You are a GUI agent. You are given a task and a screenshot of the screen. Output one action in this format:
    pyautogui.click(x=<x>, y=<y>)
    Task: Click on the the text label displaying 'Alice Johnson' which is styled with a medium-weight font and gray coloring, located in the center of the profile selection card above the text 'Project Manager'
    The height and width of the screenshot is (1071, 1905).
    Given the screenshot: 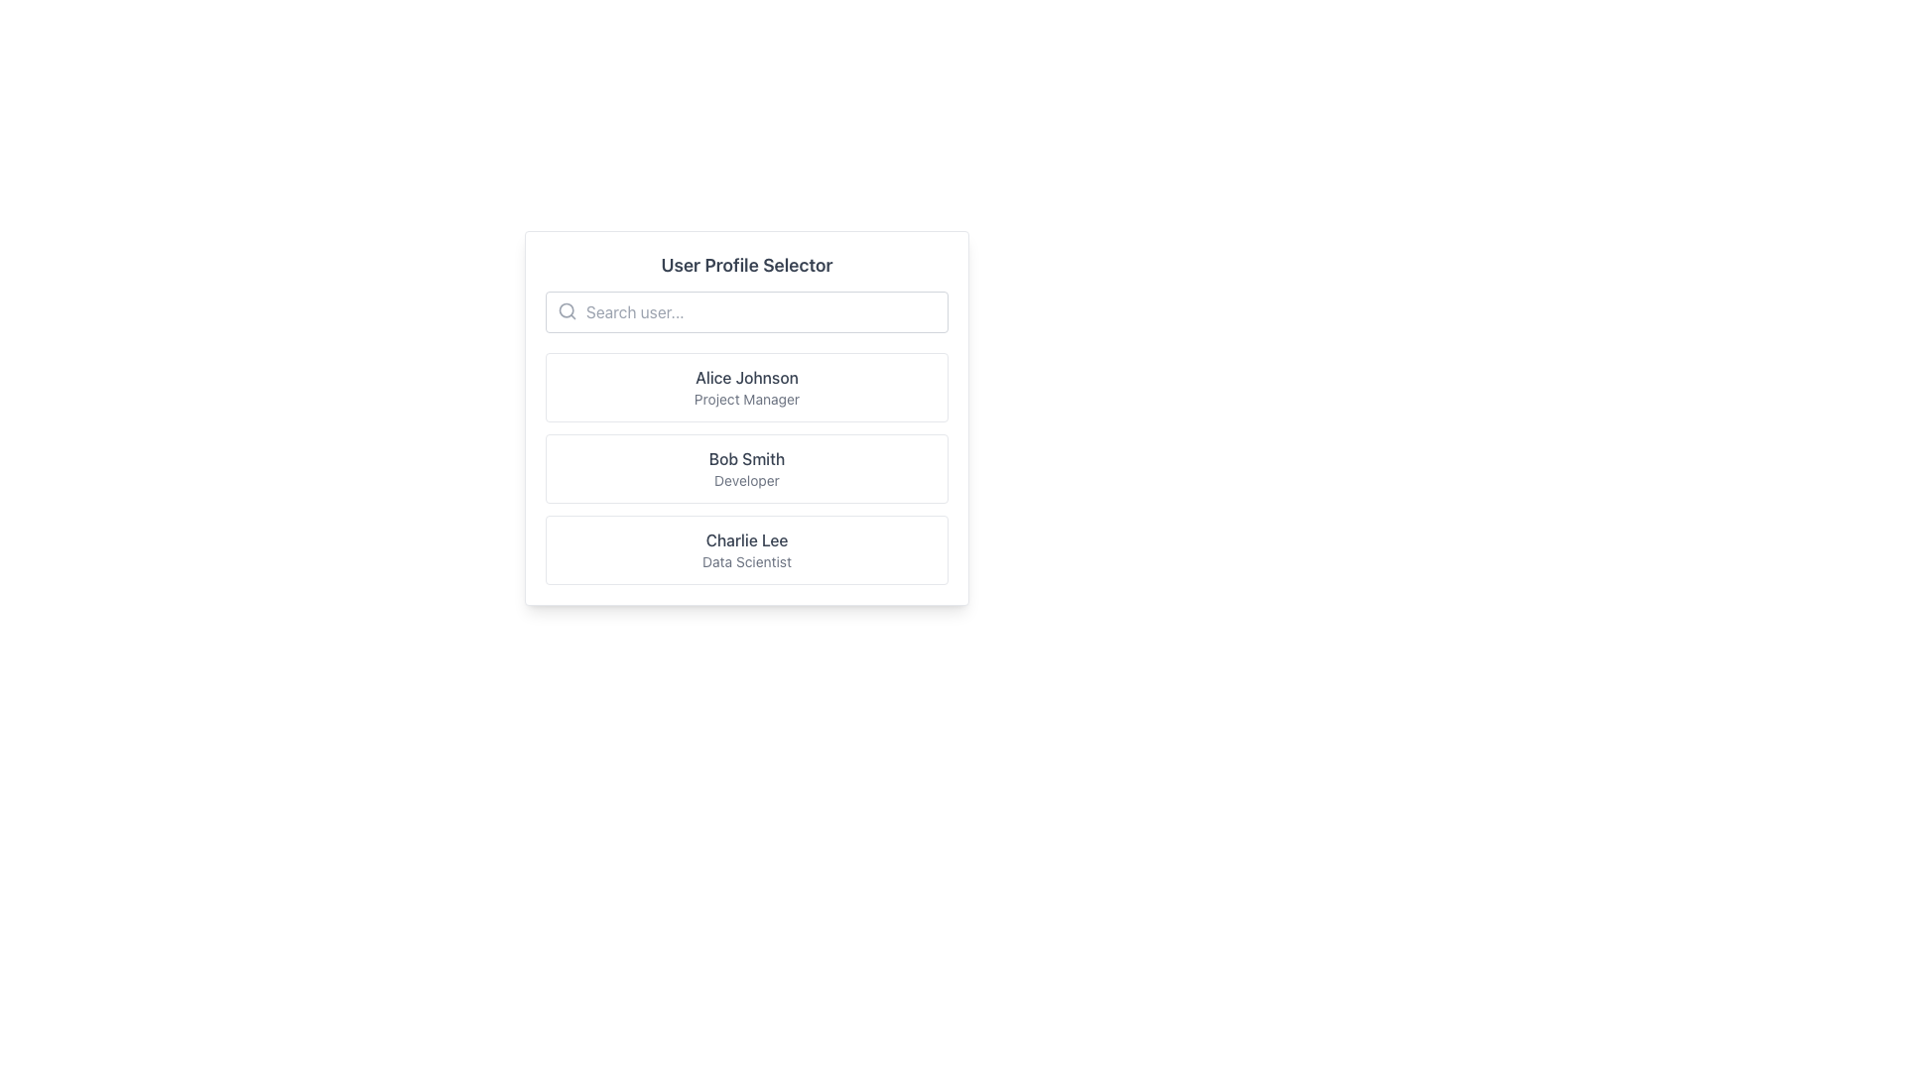 What is the action you would take?
    pyautogui.click(x=746, y=378)
    